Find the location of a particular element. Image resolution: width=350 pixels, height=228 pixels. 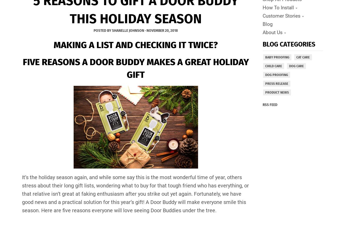

'Blog' is located at coordinates (267, 24).